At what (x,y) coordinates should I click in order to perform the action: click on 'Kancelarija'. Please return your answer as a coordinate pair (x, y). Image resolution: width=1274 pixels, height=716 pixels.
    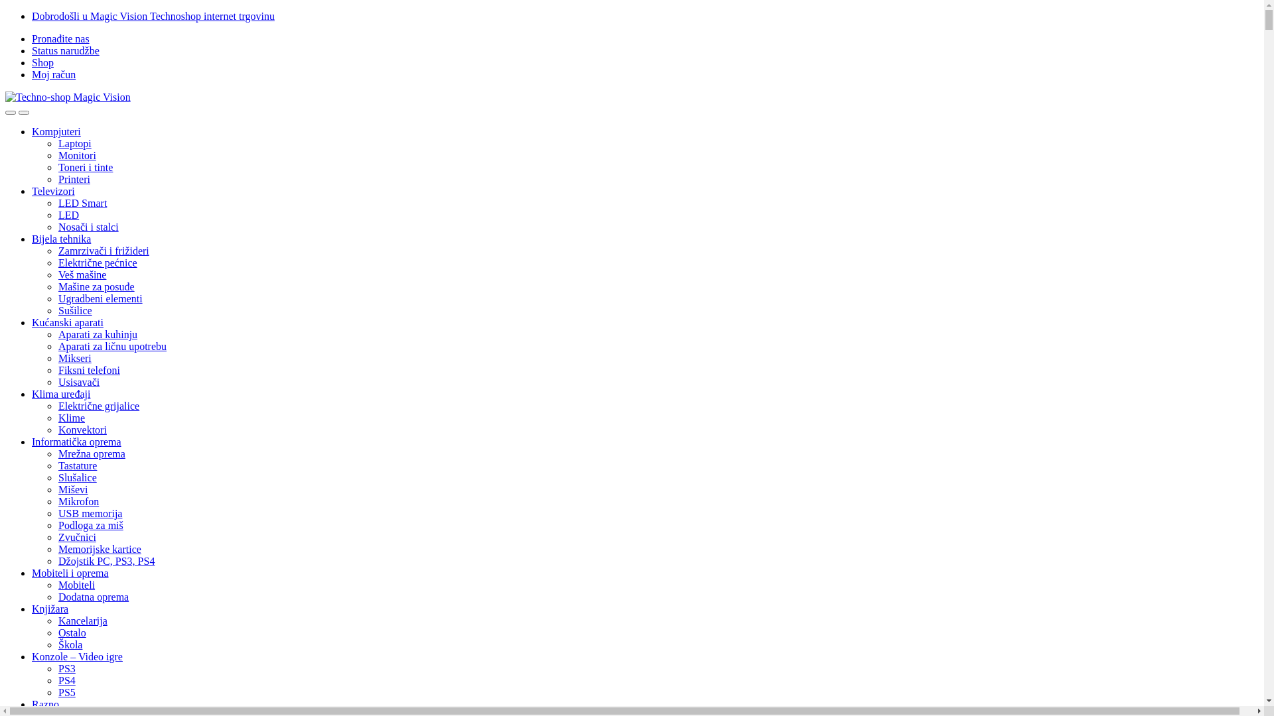
    Looking at the image, I should click on (82, 621).